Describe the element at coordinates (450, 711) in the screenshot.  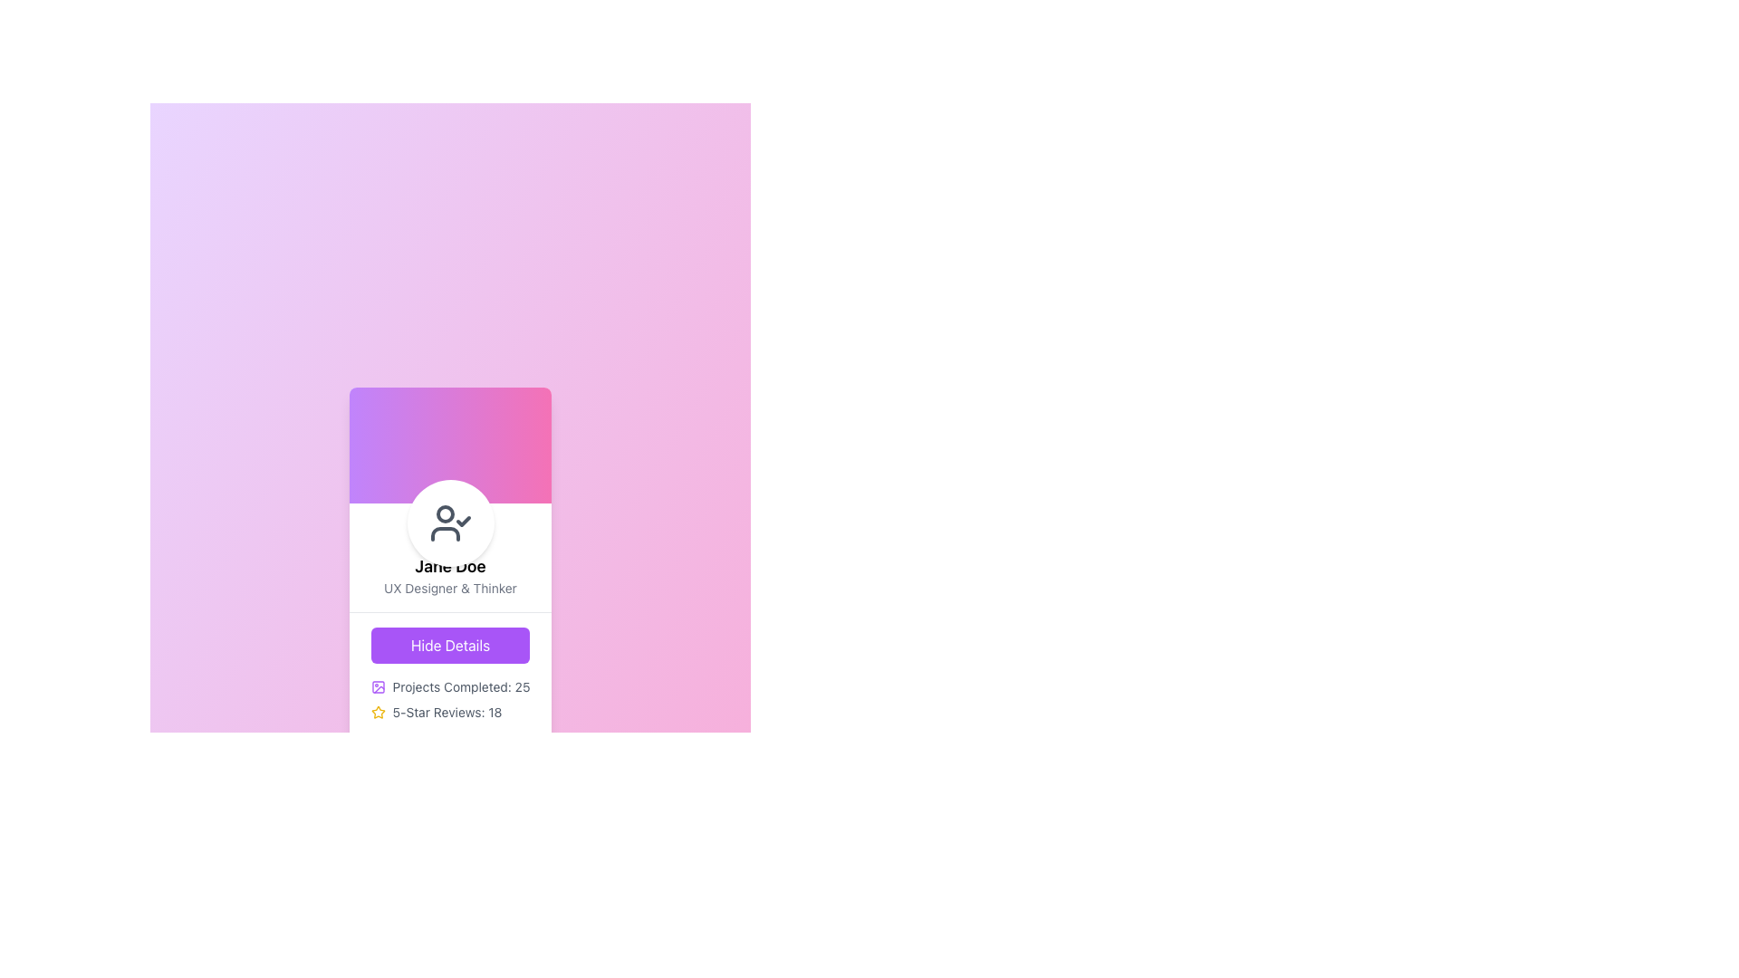
I see `informational text displaying the total number of 5-star reviews received, located below the 'Projects Completed: 25' element` at that location.